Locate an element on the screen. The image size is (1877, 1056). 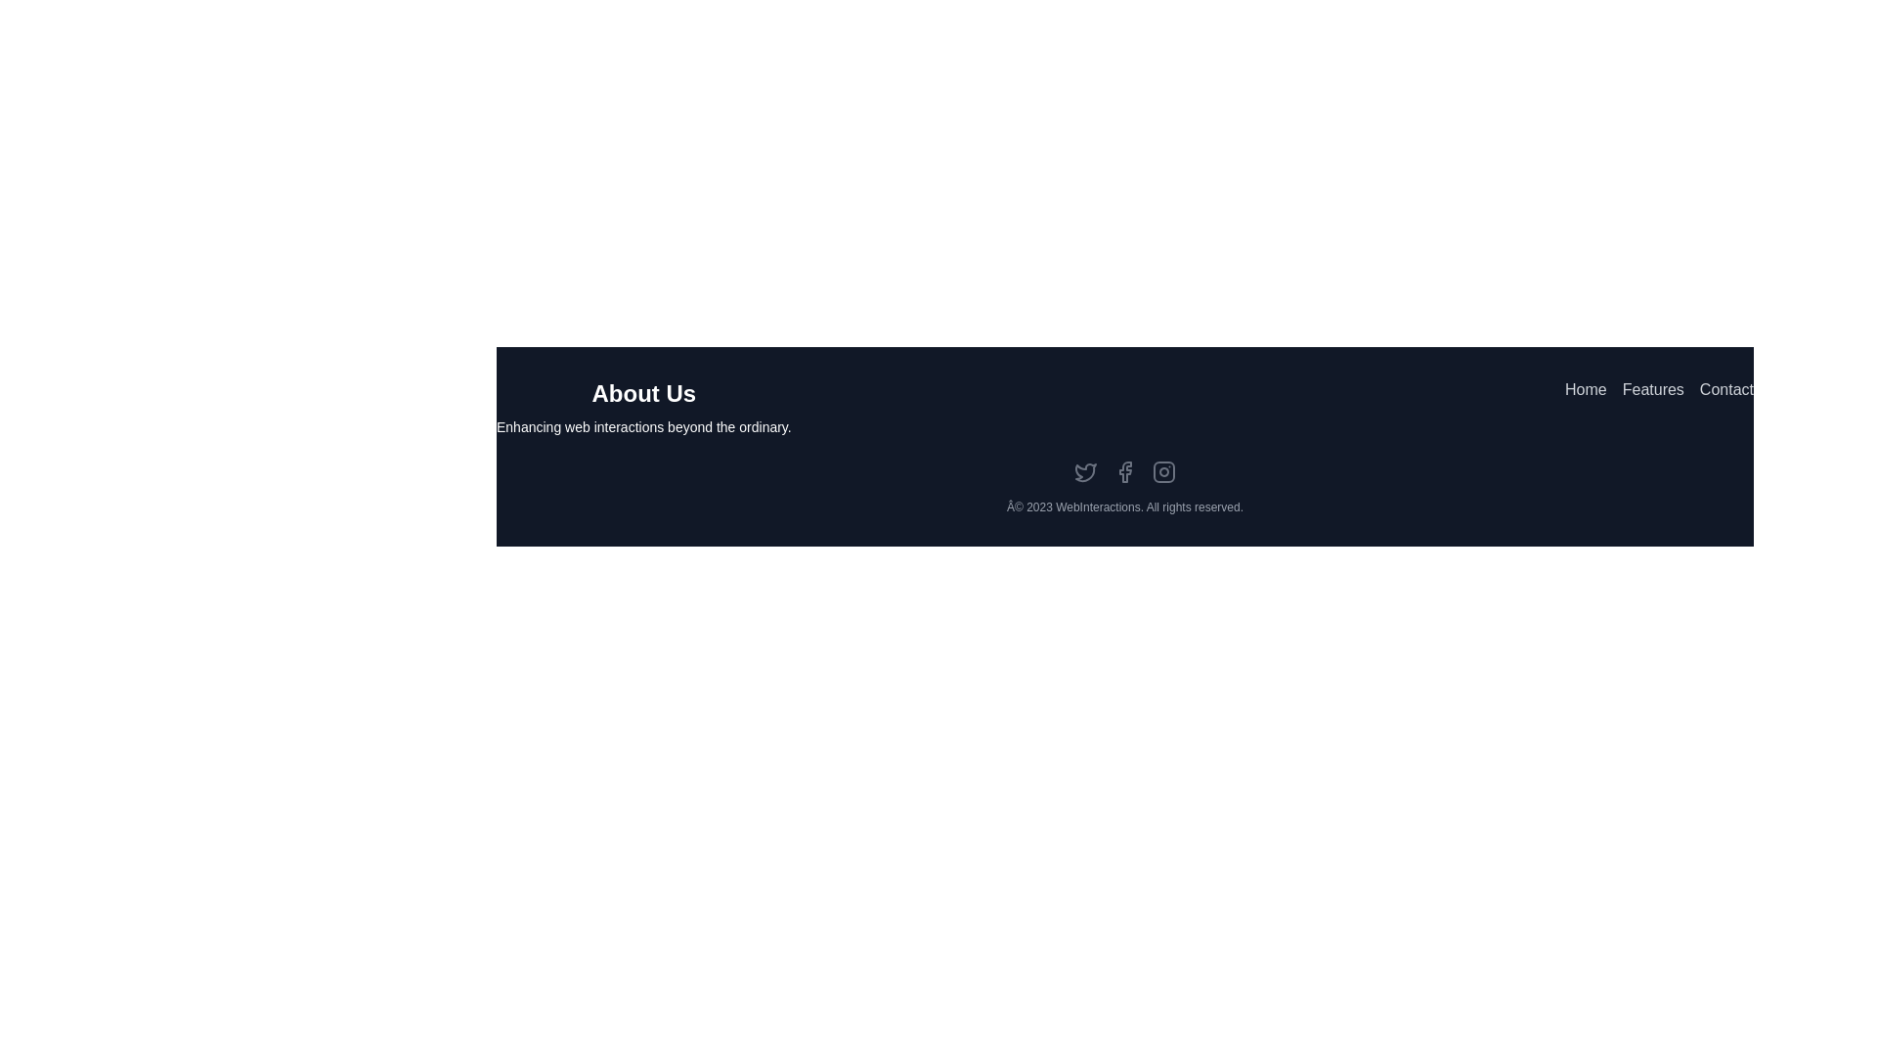
the first social media icon, which is a minimalistic Twitter logo that changes color from gray to blue when hovered over is located at coordinates (1084, 471).